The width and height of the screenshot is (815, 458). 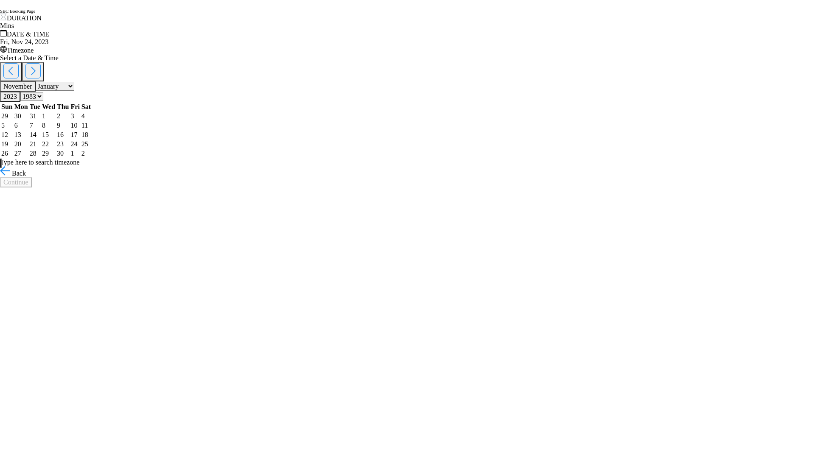 What do you see at coordinates (13, 173) in the screenshot?
I see `'Back'` at bounding box center [13, 173].